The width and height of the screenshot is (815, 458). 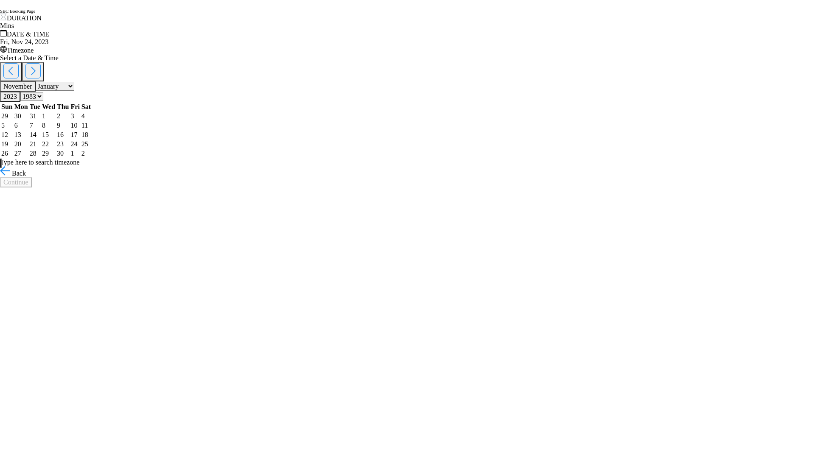 What do you see at coordinates (13, 173) in the screenshot?
I see `'Back'` at bounding box center [13, 173].